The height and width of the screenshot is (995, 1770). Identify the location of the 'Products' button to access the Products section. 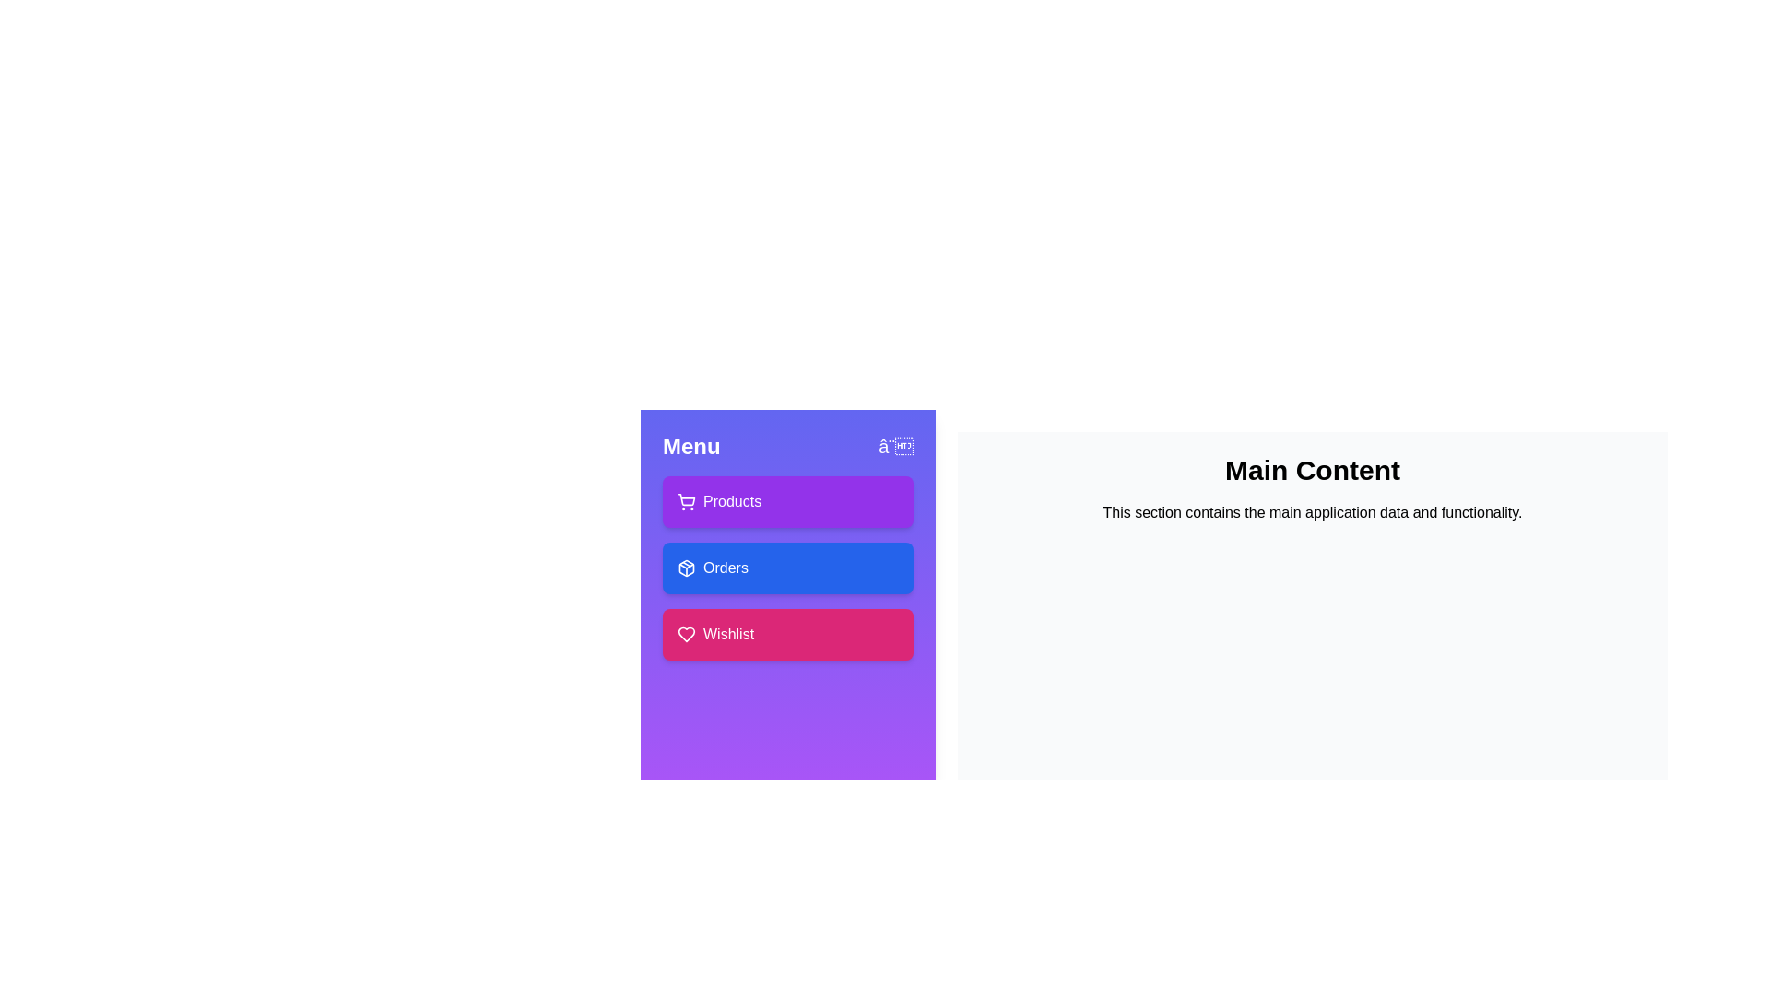
(787, 501).